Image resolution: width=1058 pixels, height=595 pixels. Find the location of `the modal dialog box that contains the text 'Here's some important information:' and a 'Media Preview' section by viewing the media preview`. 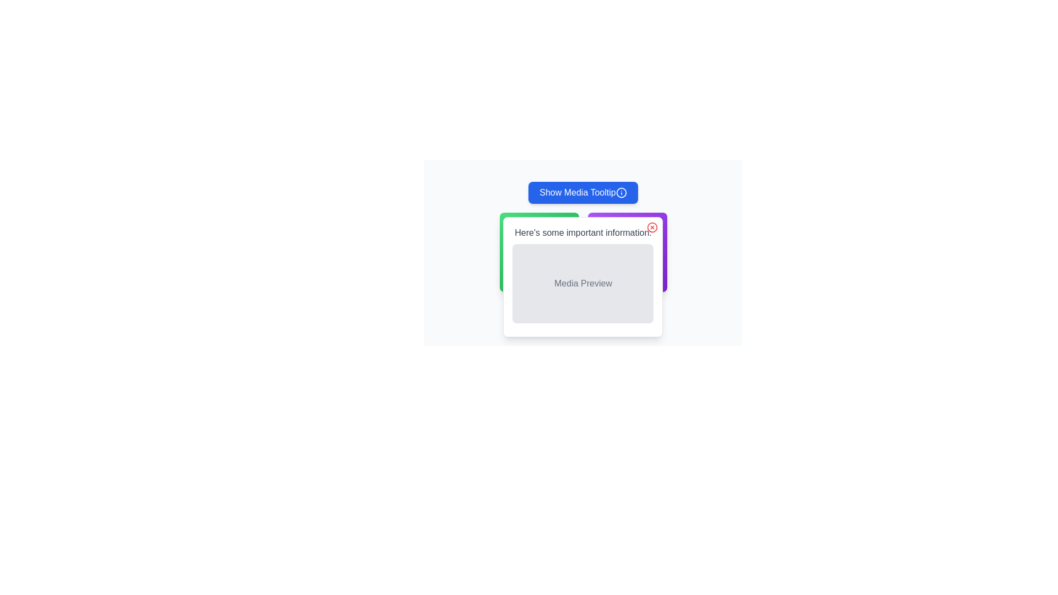

the modal dialog box that contains the text 'Here's some important information:' and a 'Media Preview' section by viewing the media preview is located at coordinates (582, 246).